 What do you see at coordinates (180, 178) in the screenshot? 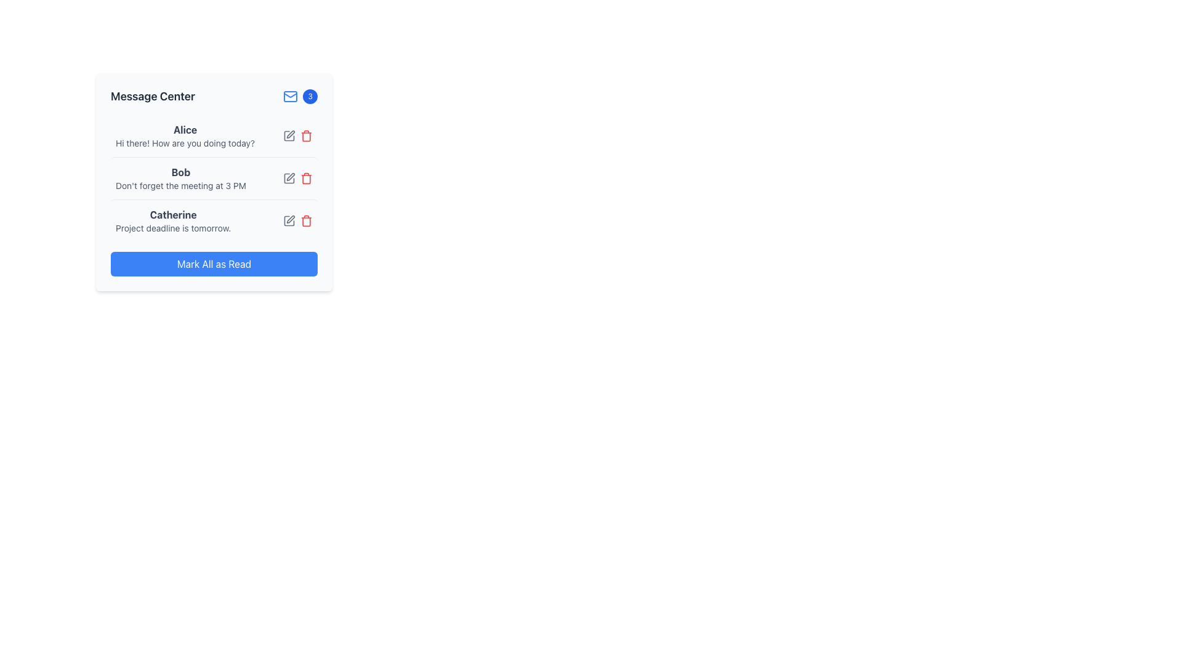
I see `message content and sender name from the Text element located in the second row of the message list in the 'Message Center' panel, positioned between entries for 'Alice' and 'Catherine'` at bounding box center [180, 178].